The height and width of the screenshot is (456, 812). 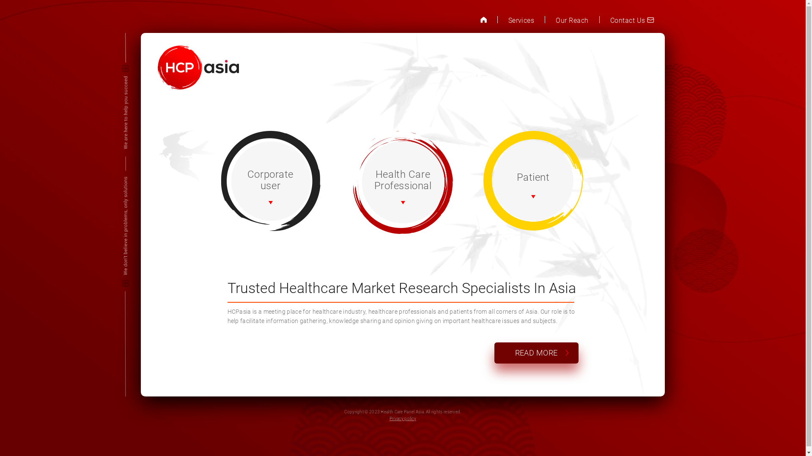 I want to click on 'Services', so click(x=507, y=20).